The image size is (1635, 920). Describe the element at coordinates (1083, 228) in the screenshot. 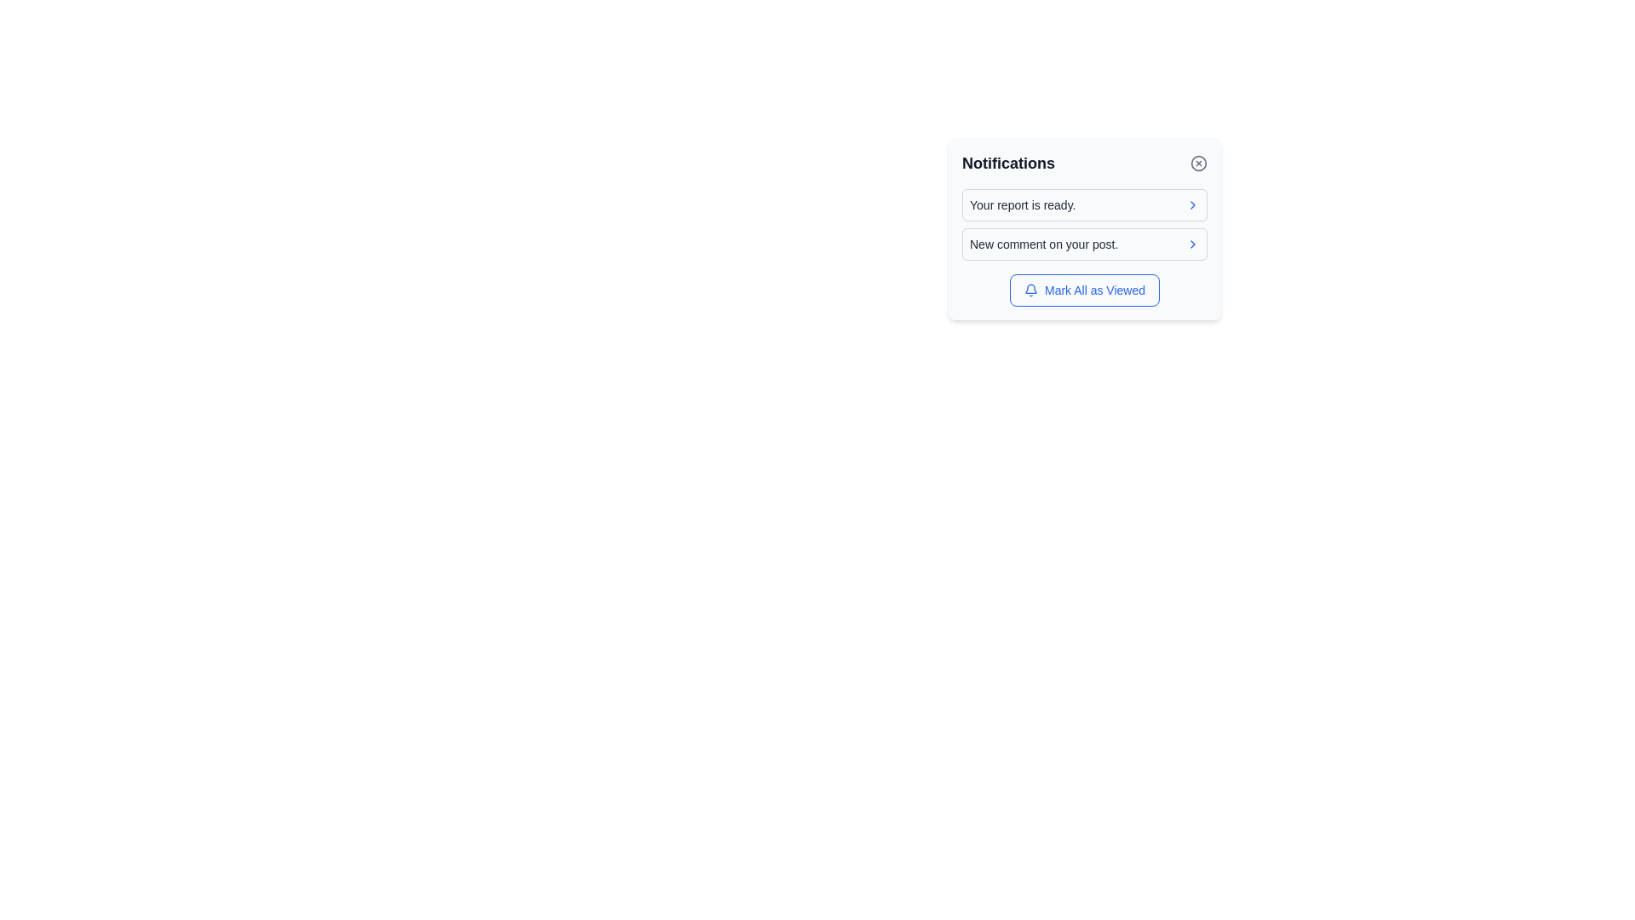

I see `the chevron icon located on the right side of the notifications list in the Information Panel, which is styled with a light gray background and rounded corners` at that location.